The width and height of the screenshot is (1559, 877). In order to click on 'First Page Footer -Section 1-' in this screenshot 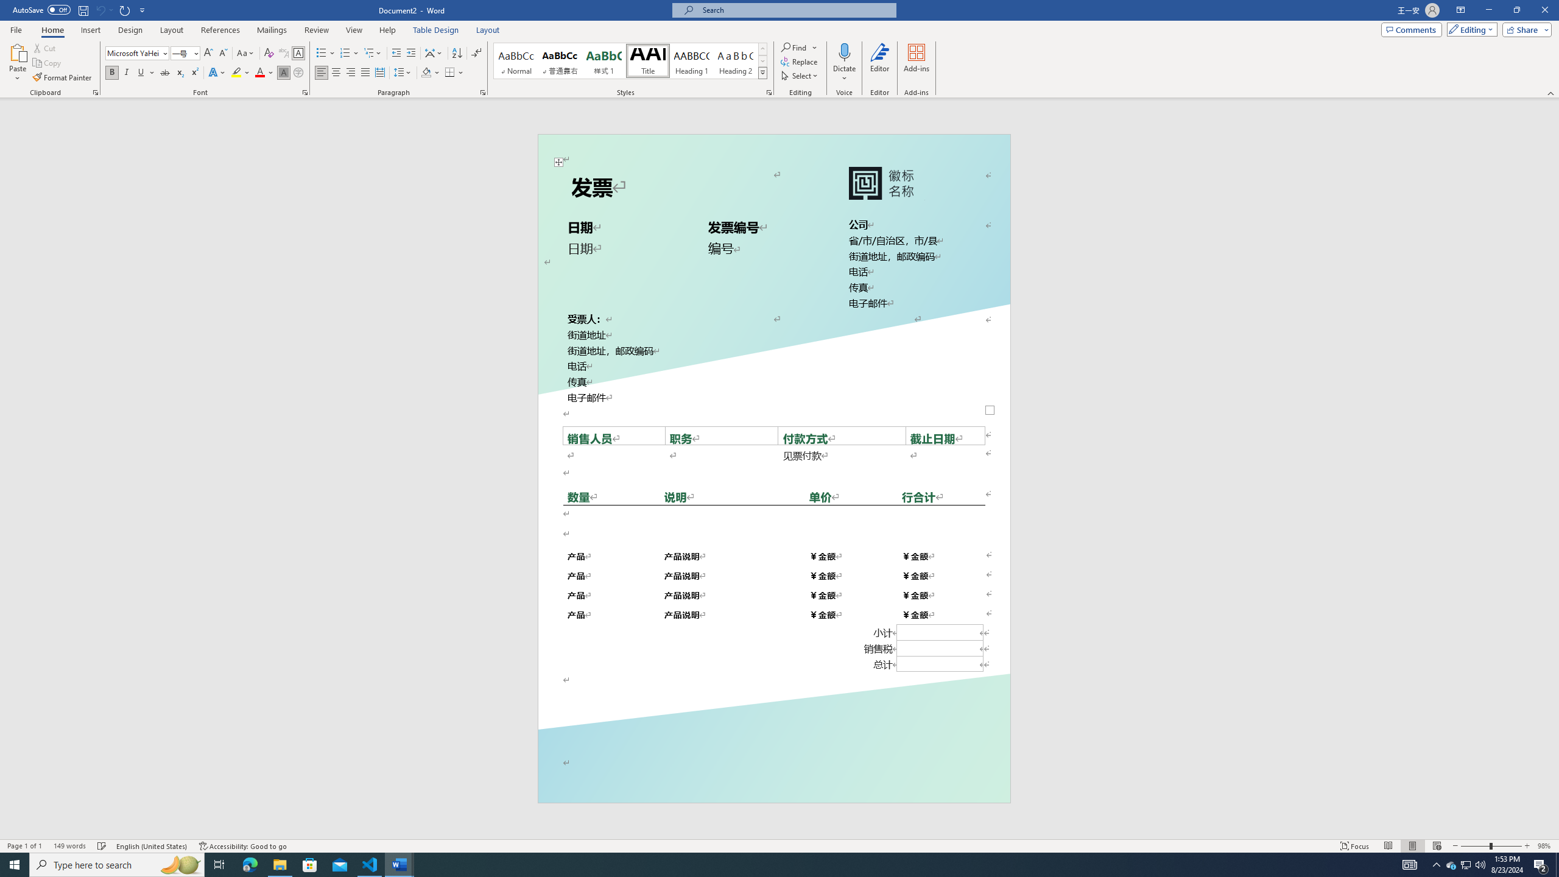, I will do `click(774, 774)`.